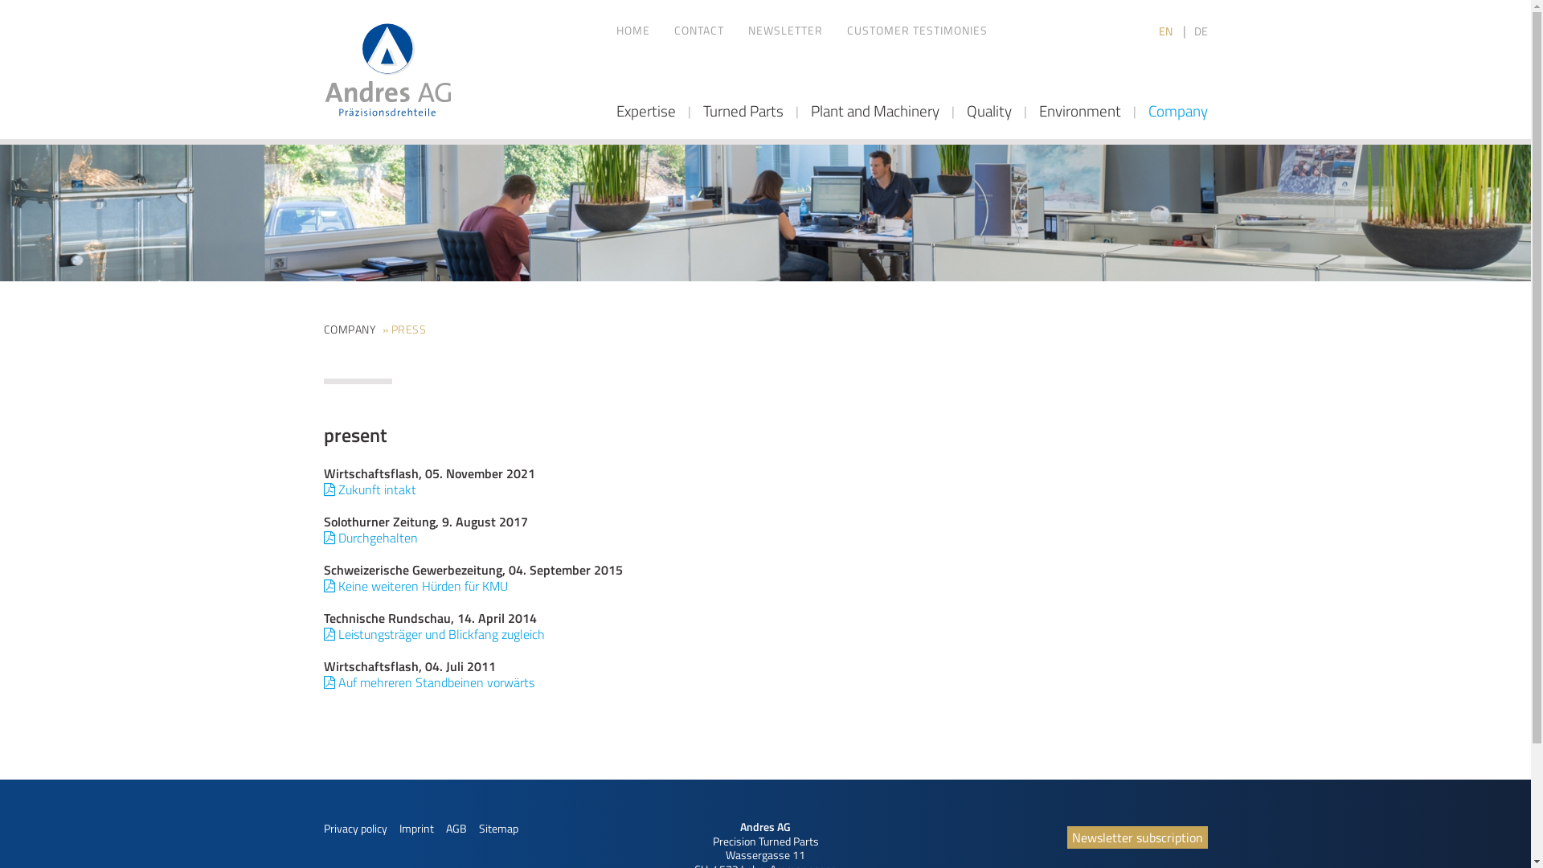  I want to click on 'EN', so click(1167, 31).